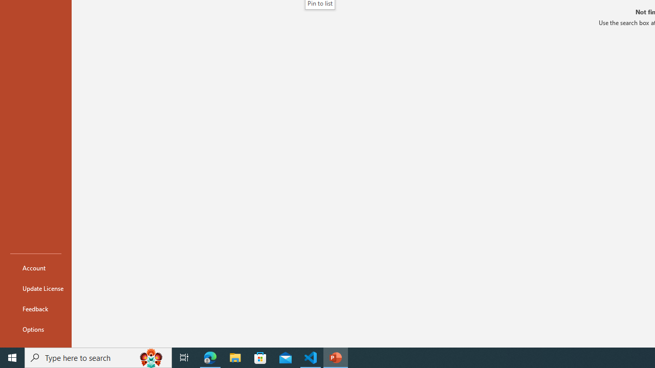 The image size is (655, 368). Describe the element at coordinates (35, 329) in the screenshot. I see `'Options'` at that location.